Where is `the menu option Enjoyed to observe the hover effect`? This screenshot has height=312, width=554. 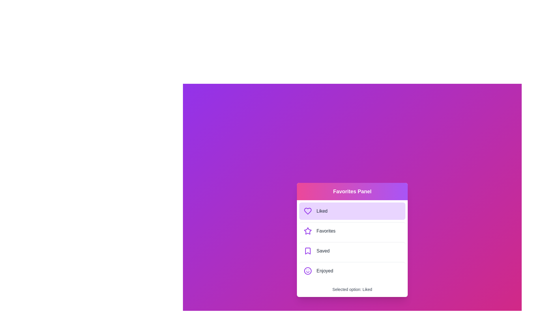 the menu option Enjoyed to observe the hover effect is located at coordinates (352, 271).